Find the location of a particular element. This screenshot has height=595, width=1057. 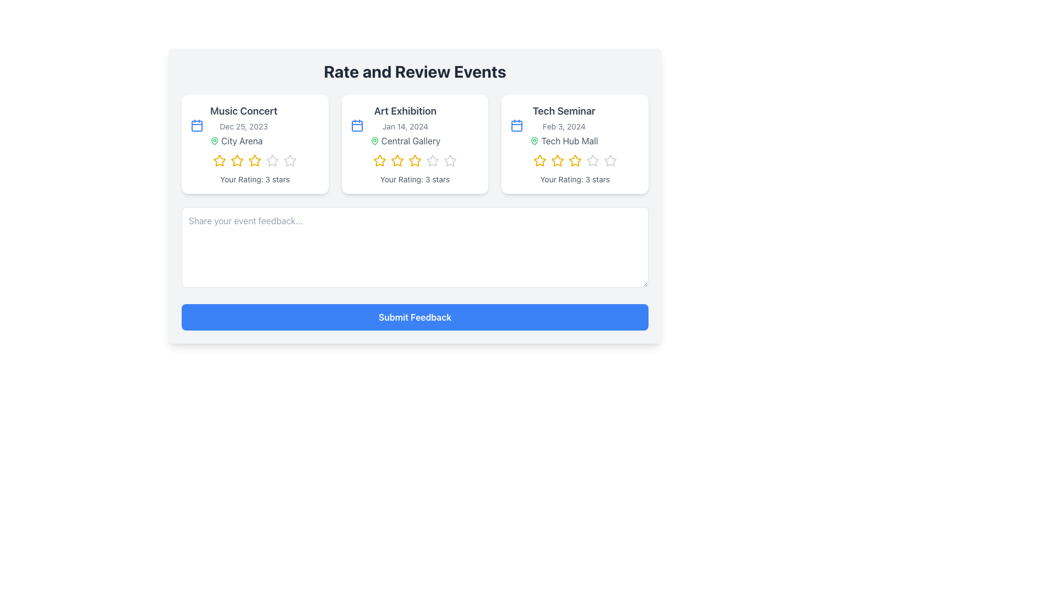

the blue calendar icon located to the left of 'Feb 3, 2024' text in the 'Tech Seminar' column of the 'Rate and Review Events' section is located at coordinates (516, 125).